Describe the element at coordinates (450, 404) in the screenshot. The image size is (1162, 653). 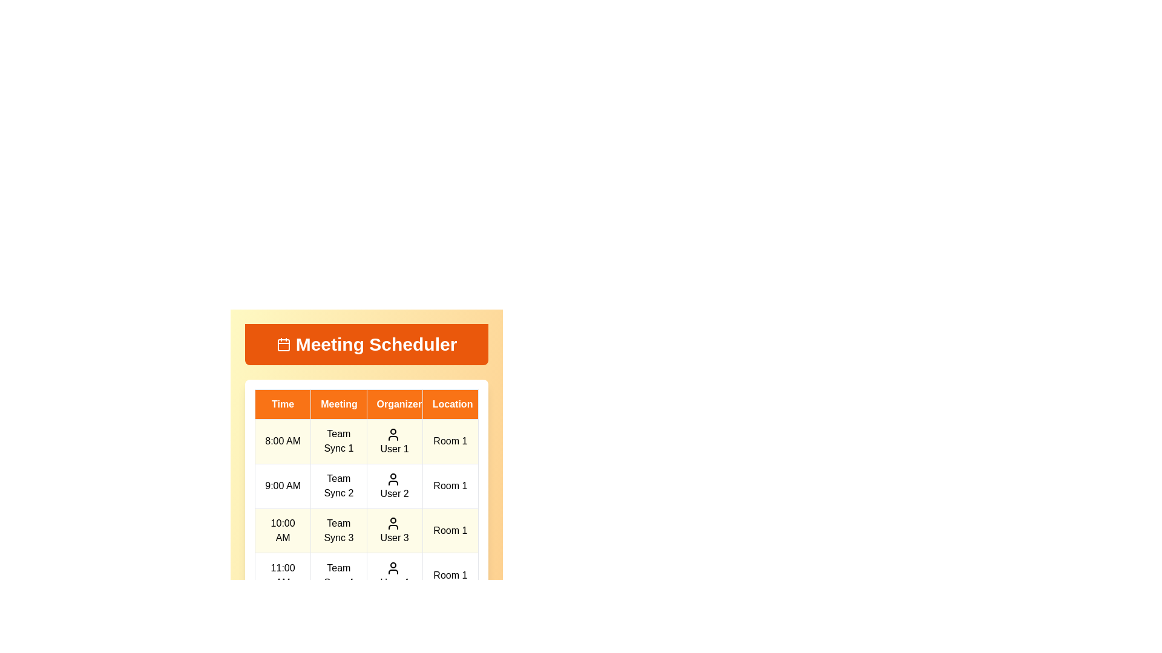
I see `the header column Location to sort or filter the schedule` at that location.